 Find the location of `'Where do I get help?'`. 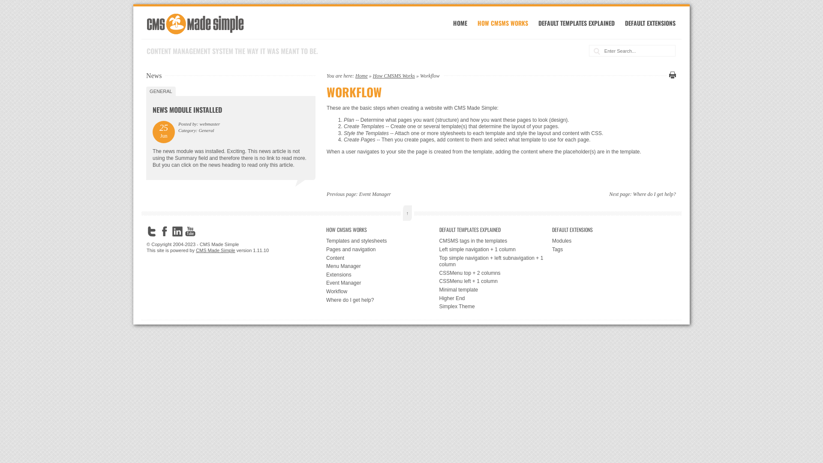

'Where do I get help?' is located at coordinates (382, 300).